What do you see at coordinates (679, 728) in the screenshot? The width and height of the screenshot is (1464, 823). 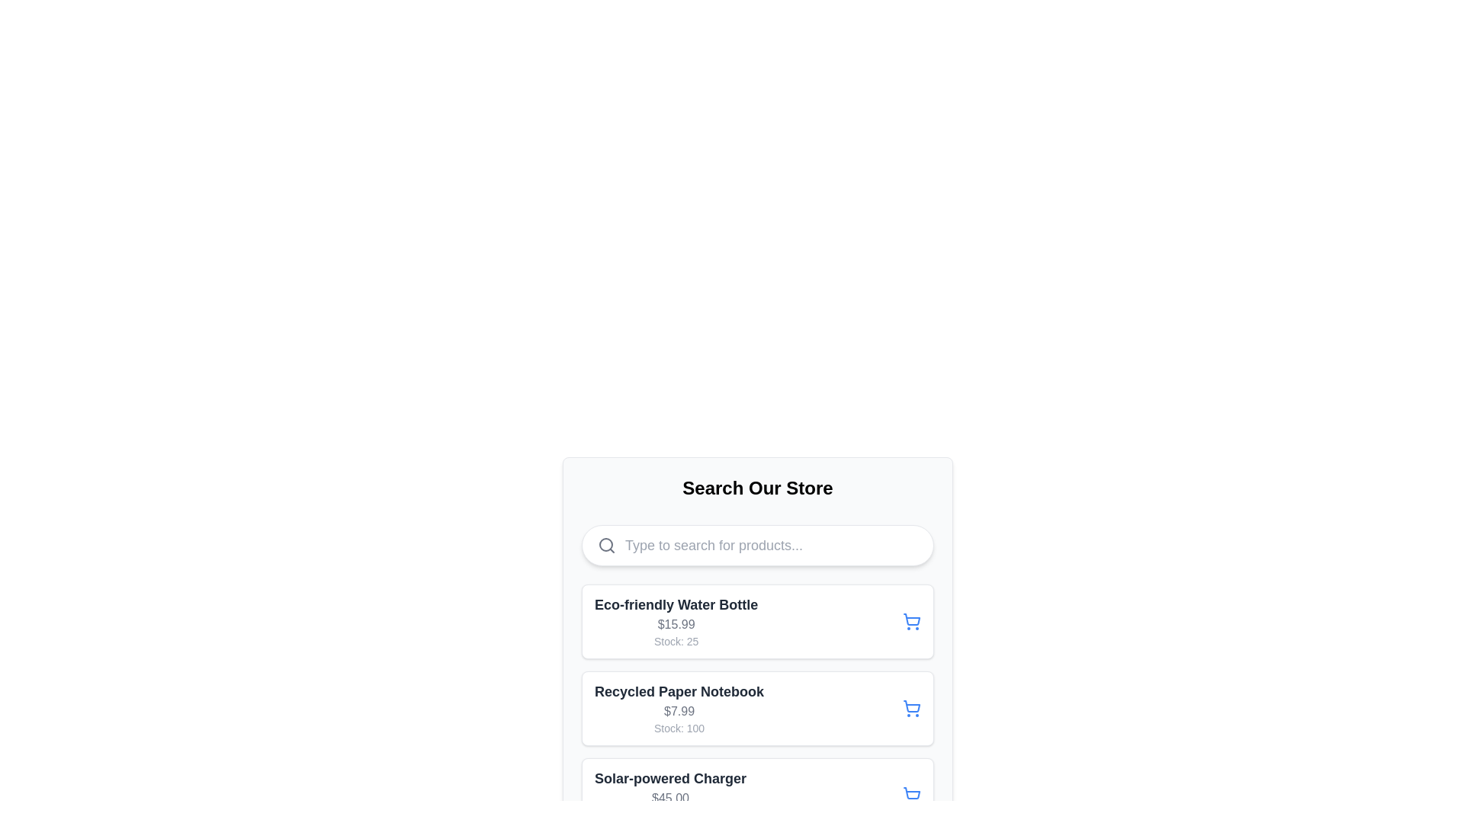 I see `the static text label that indicates product availability, located below the title 'Recycled Paper Notebook' and the price '$7.99'` at bounding box center [679, 728].